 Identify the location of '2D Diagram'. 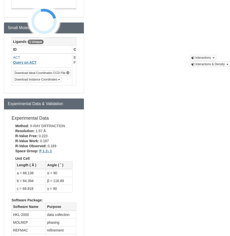
(167, 49).